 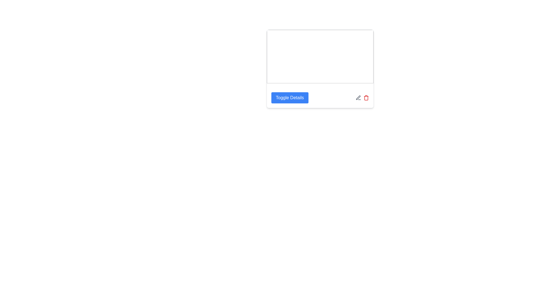 What do you see at coordinates (290, 98) in the screenshot?
I see `the 'Toggle Details' button with a blue background and white text` at bounding box center [290, 98].